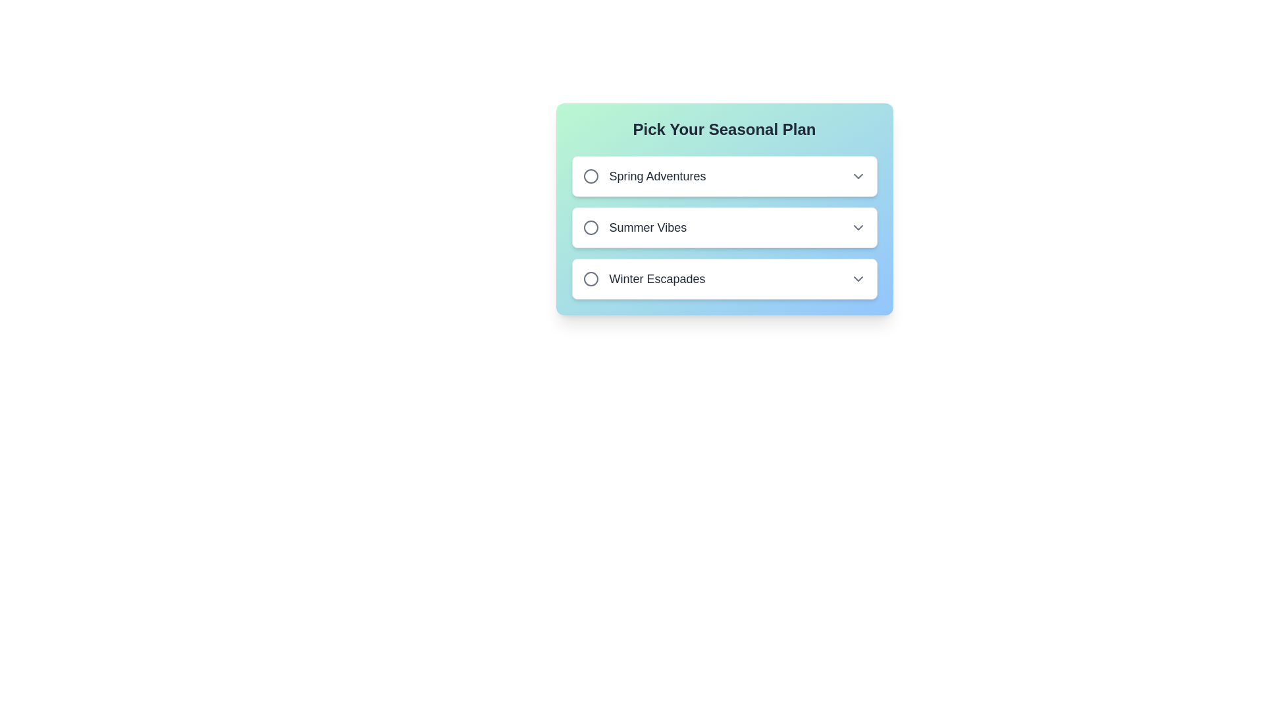 The width and height of the screenshot is (1264, 711). What do you see at coordinates (858, 278) in the screenshot?
I see `the chevron-down icon styled with a gray stroke color, located at the rightmost edge of the third row labeled 'Winter Escapades'` at bounding box center [858, 278].